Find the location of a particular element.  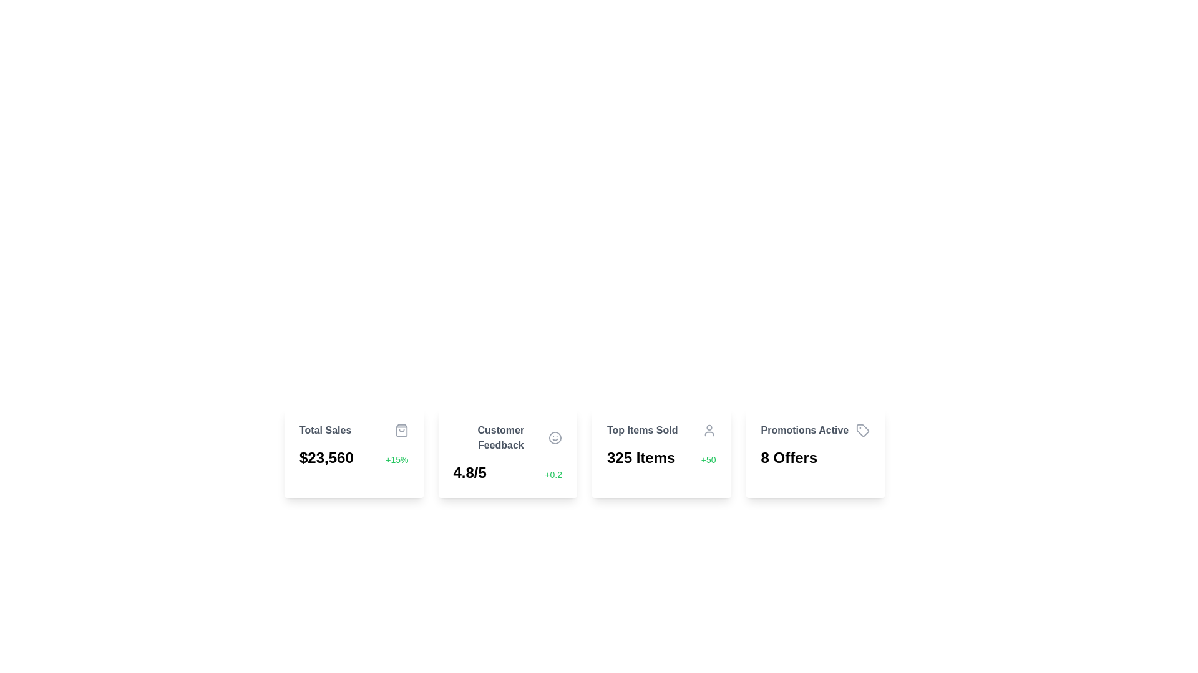

the icon representing 'Total Sales' located in the top-right corner of the card, positioned slightly above the sales value is located at coordinates (401, 429).